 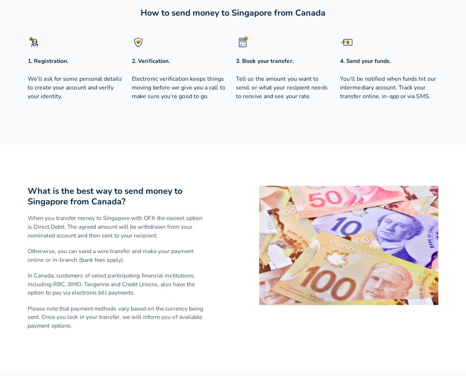 What do you see at coordinates (249, 218) in the screenshot?
I see `'INR'` at bounding box center [249, 218].